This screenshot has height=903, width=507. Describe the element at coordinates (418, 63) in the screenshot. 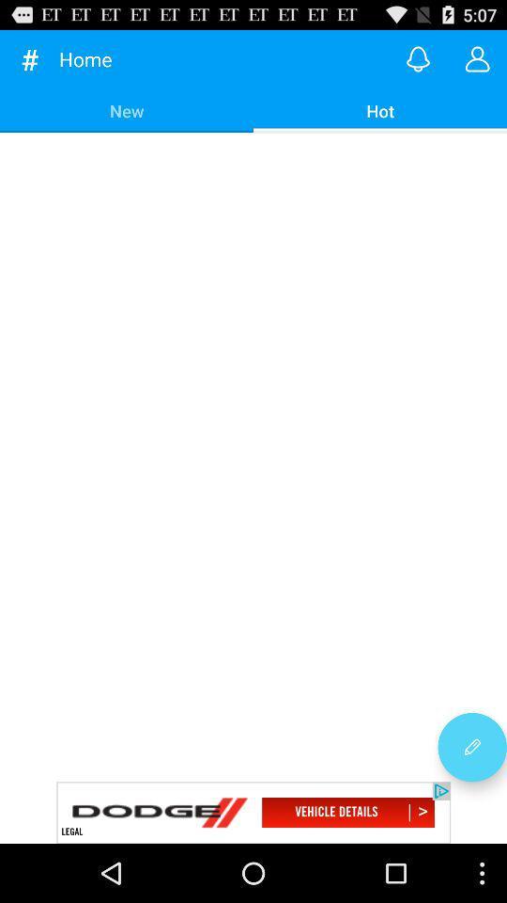

I see `the notifications icon` at that location.